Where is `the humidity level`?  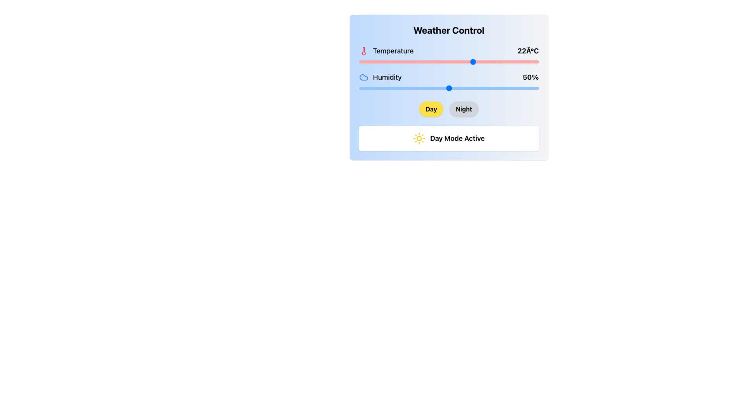 the humidity level is located at coordinates (449, 87).